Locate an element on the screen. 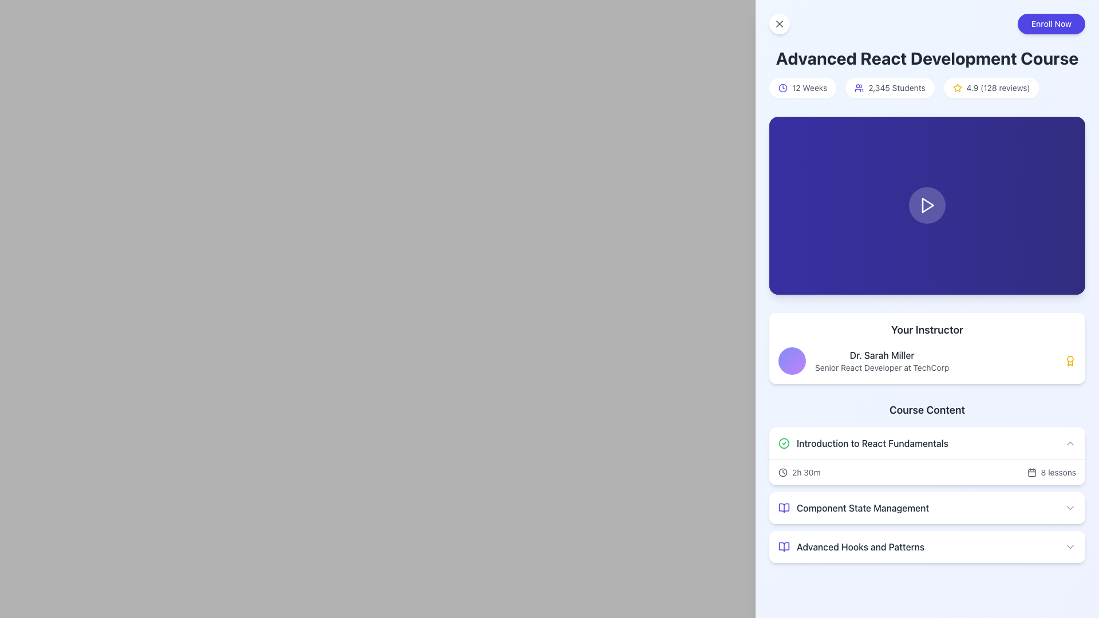 The height and width of the screenshot is (618, 1099). the outlined yellow star icon representing a rating system, located next to the text '4.9 (128 reviews)' in the header area is located at coordinates (957, 88).